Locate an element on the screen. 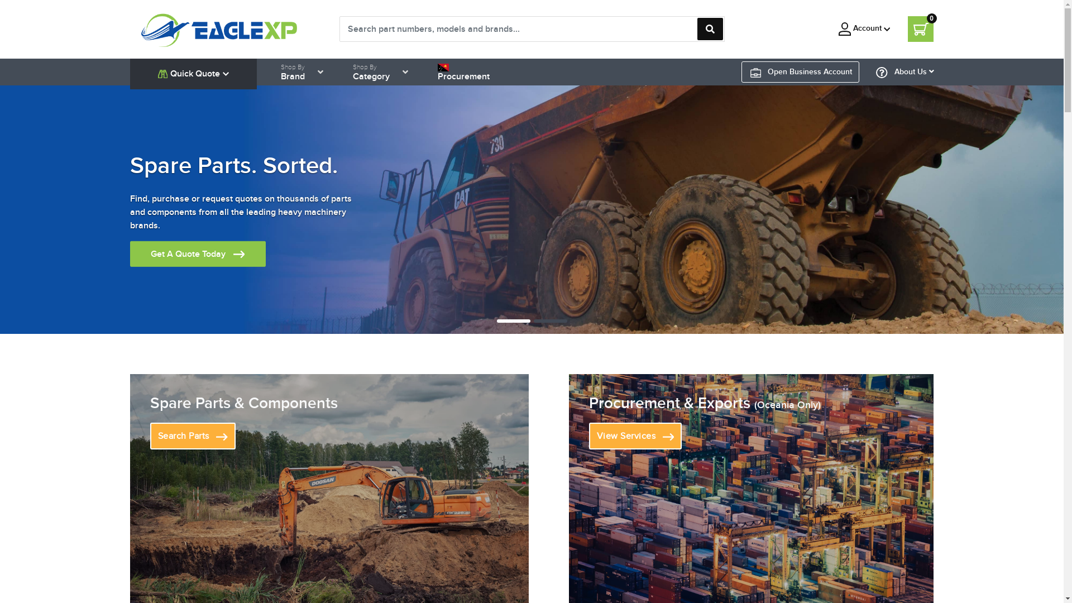 This screenshot has width=1072, height=603. 'EagleXP' is located at coordinates (219, 27).